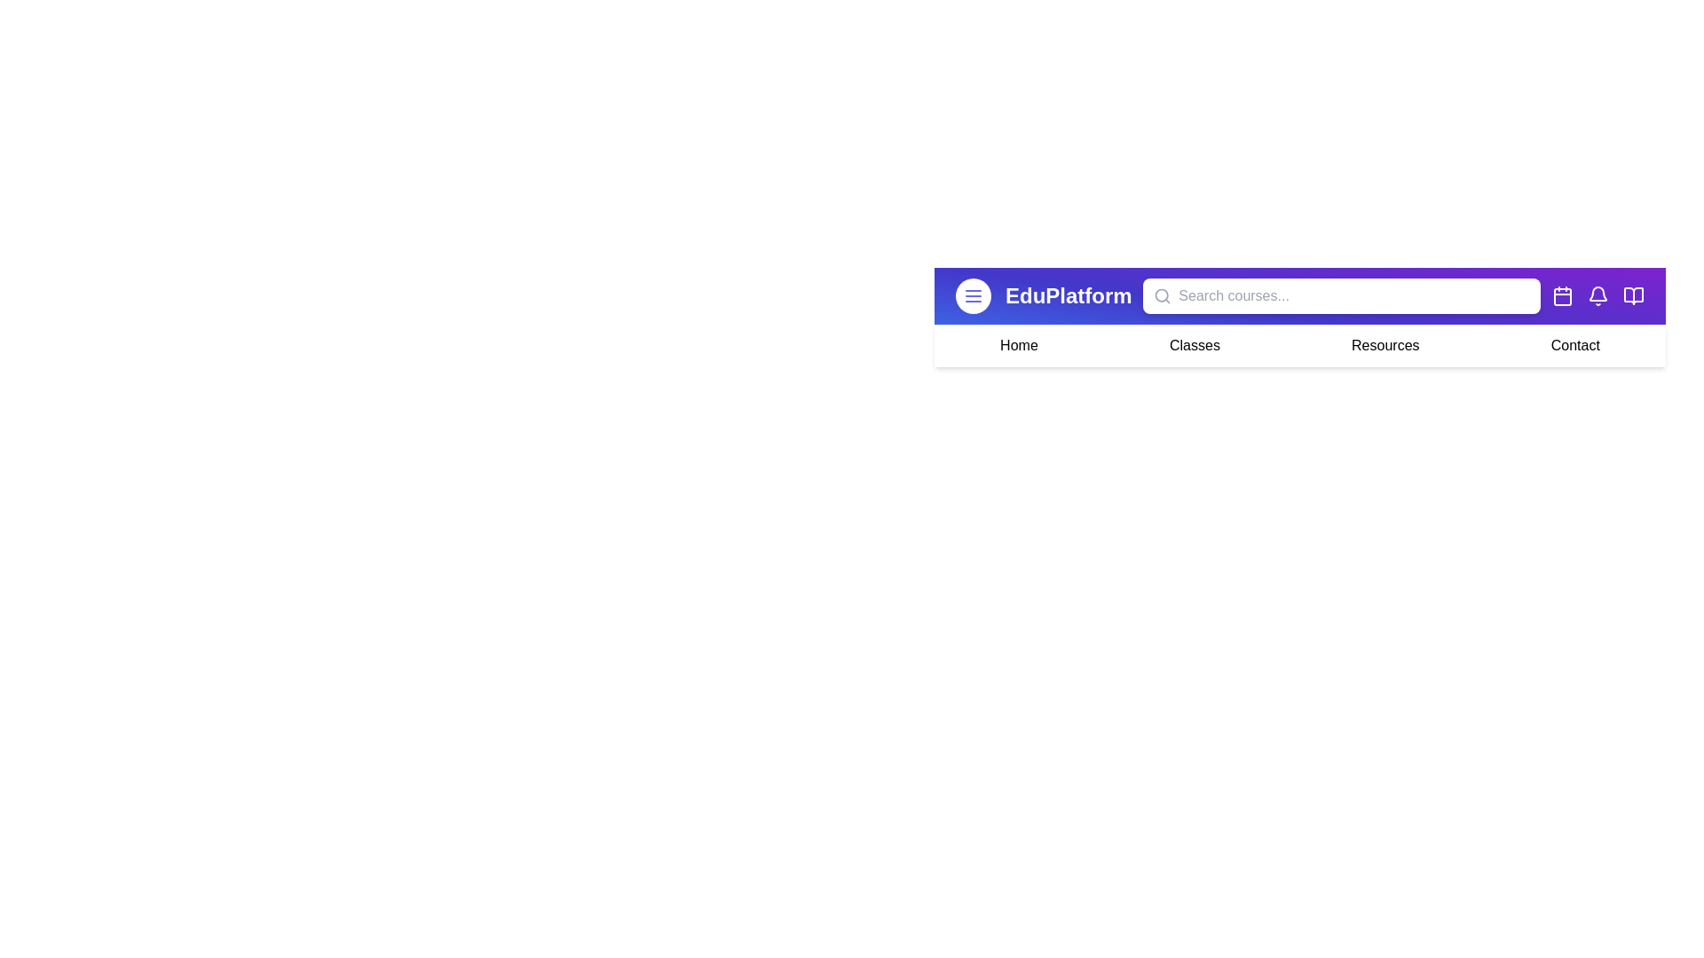 The height and width of the screenshot is (958, 1704). I want to click on the Resources icon in the EduAppBar, so click(1633, 295).